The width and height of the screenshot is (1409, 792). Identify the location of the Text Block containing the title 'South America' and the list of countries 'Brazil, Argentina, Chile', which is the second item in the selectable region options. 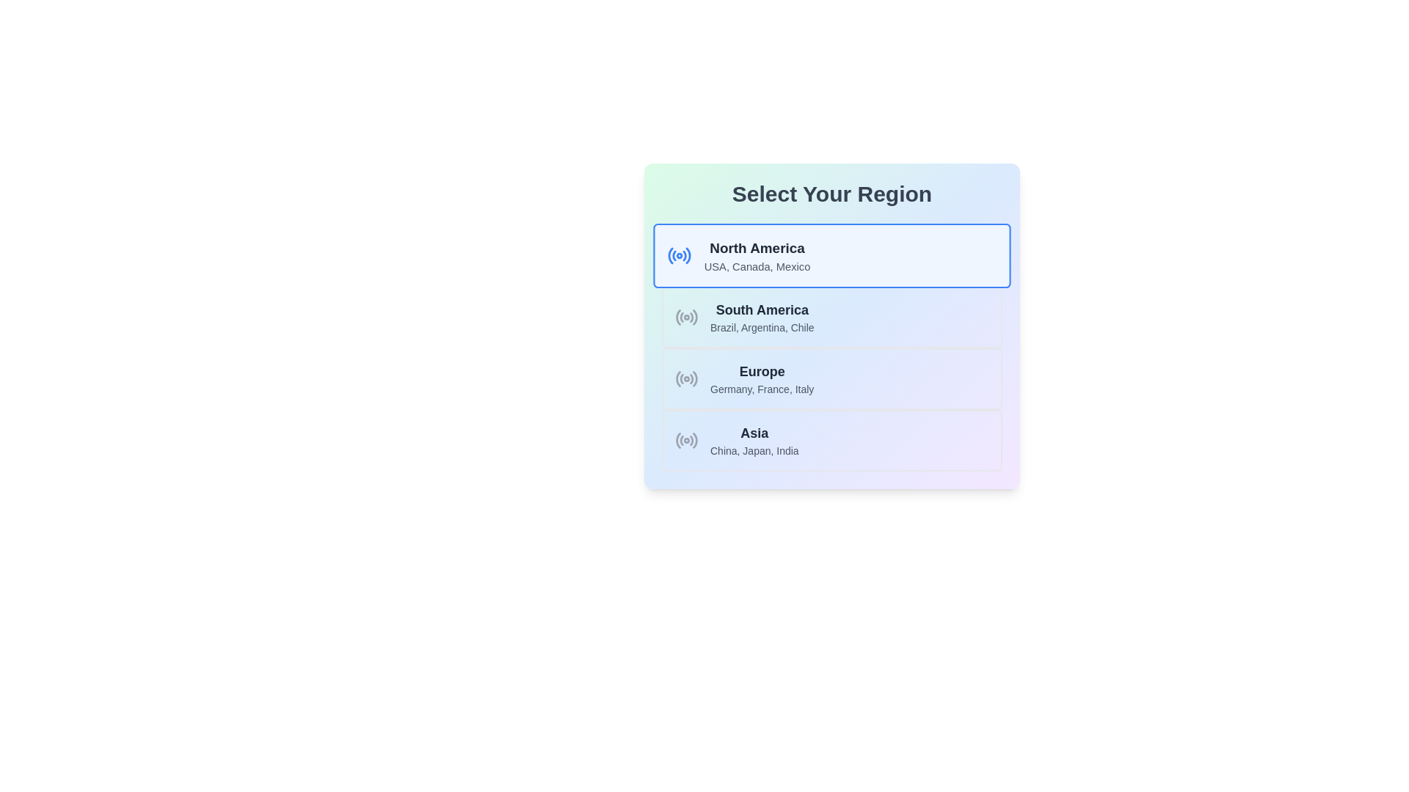
(762, 316).